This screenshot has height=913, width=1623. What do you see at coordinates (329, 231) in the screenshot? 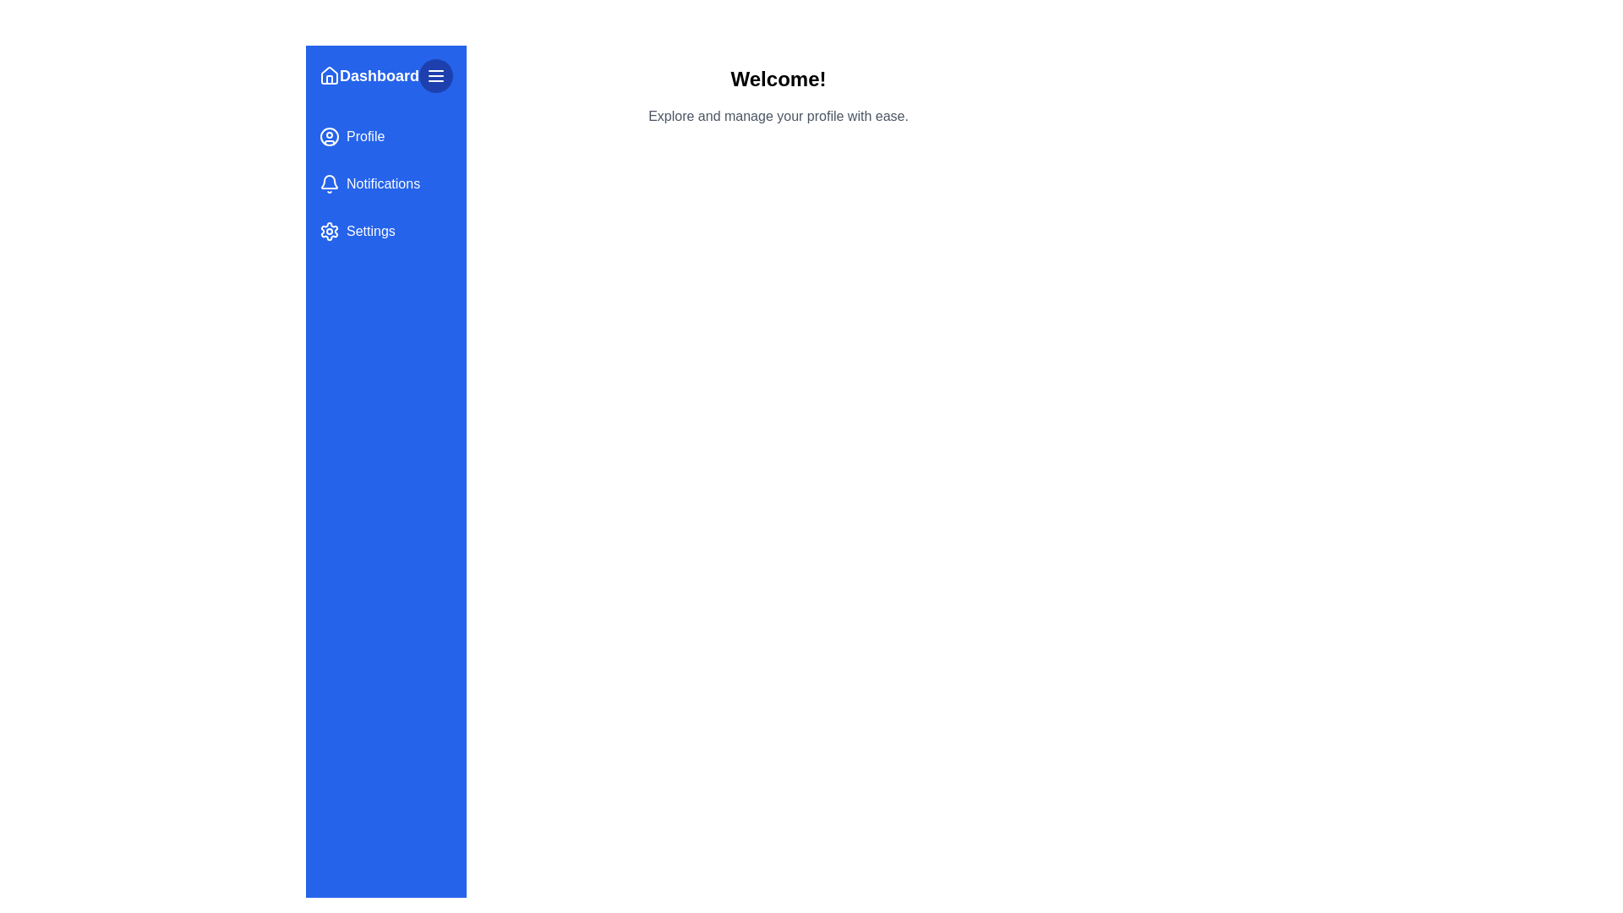
I see `the cogwheel icon representing the settings feature` at bounding box center [329, 231].